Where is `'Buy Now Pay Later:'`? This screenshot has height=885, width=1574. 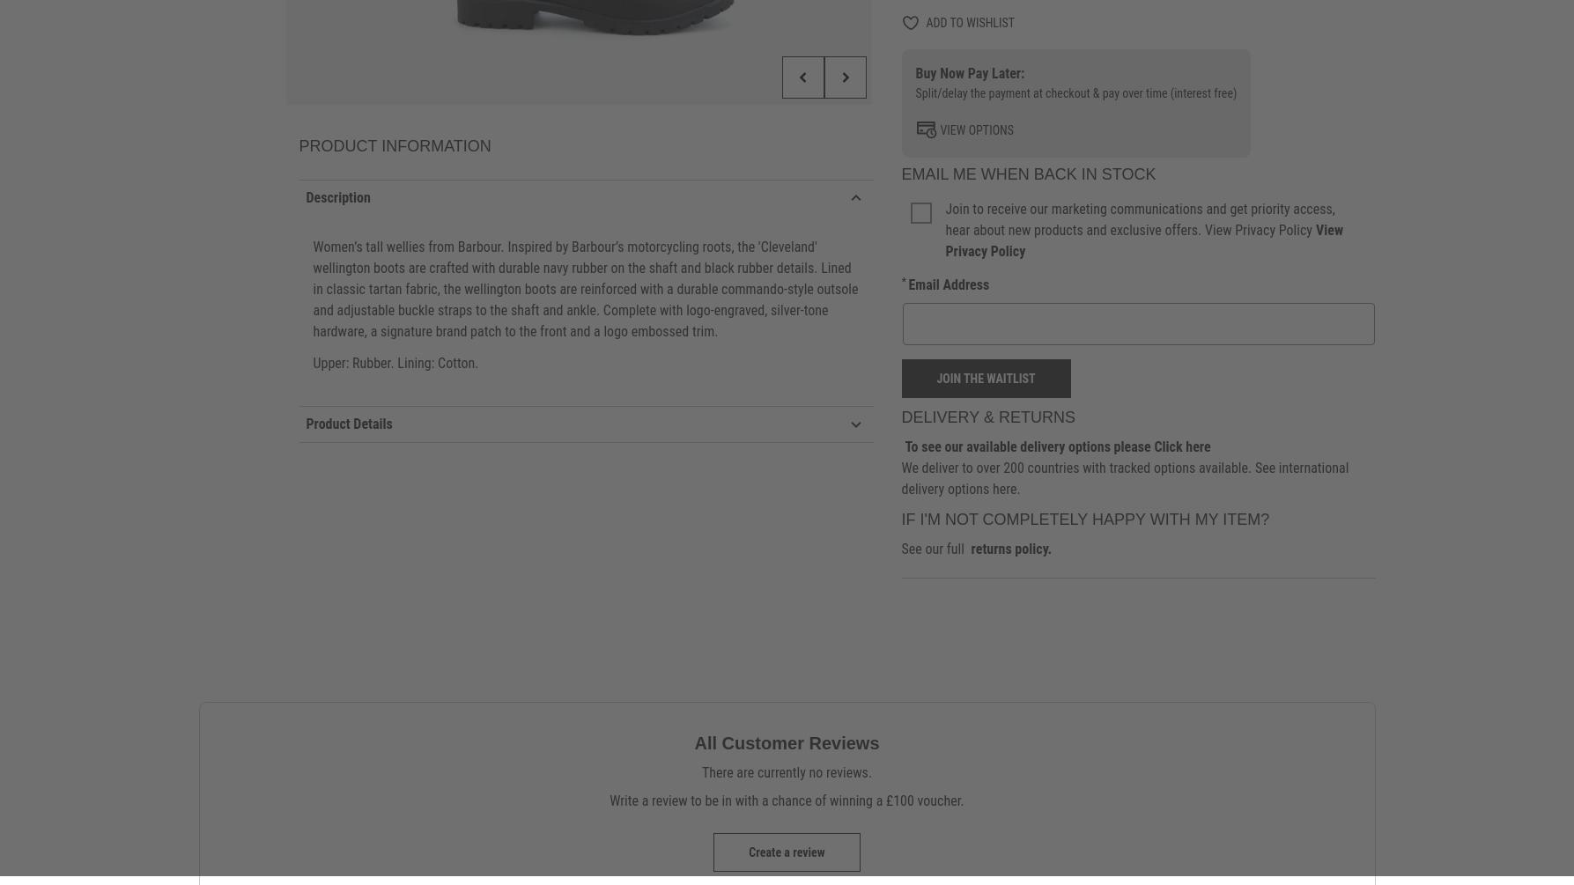 'Buy Now Pay Later:' is located at coordinates (969, 73).